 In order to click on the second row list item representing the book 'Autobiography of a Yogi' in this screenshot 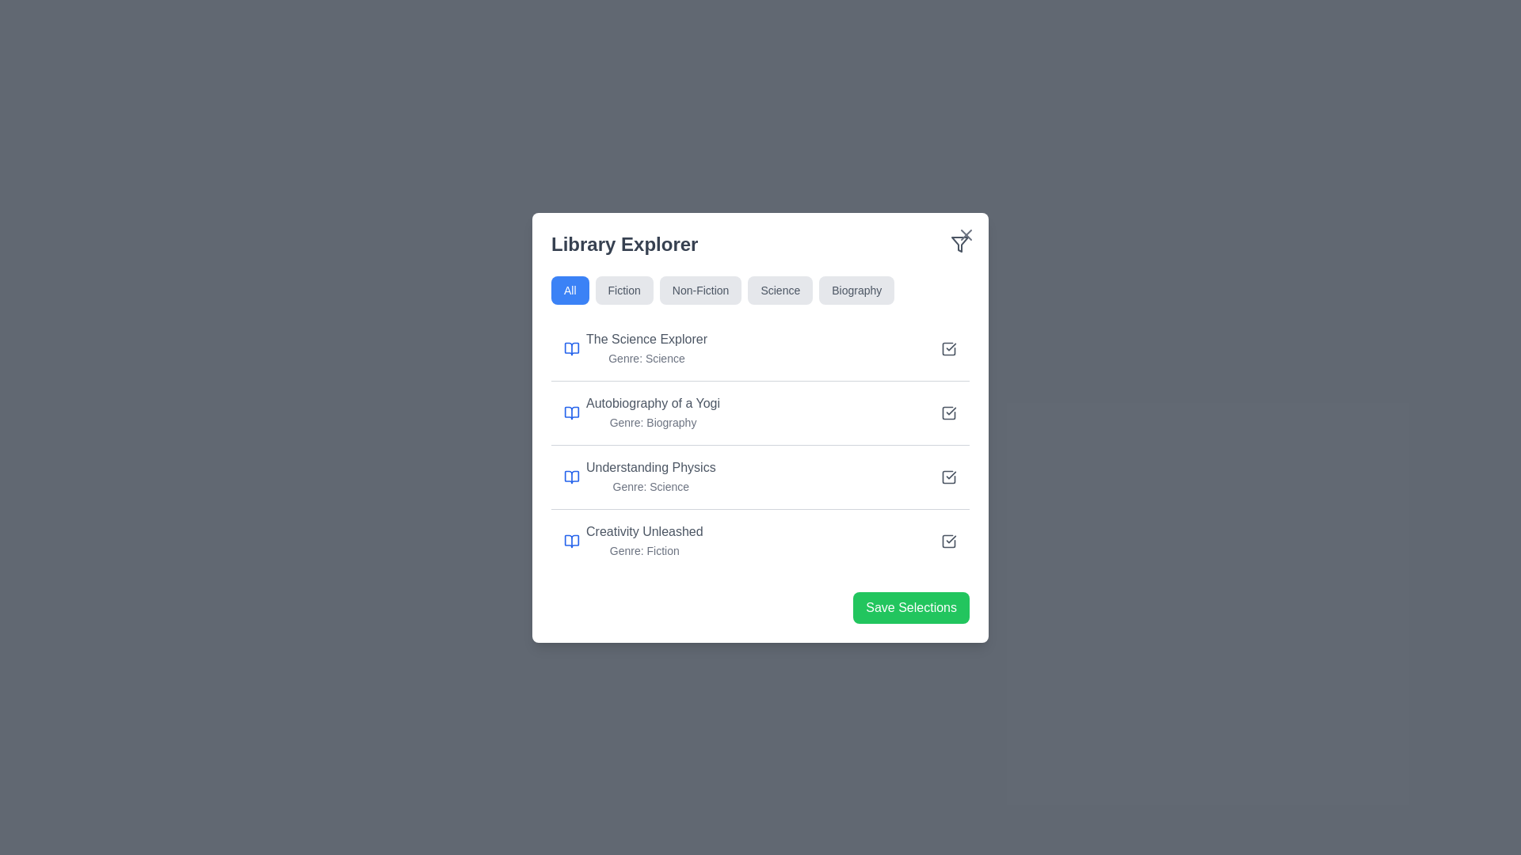, I will do `click(760, 411)`.